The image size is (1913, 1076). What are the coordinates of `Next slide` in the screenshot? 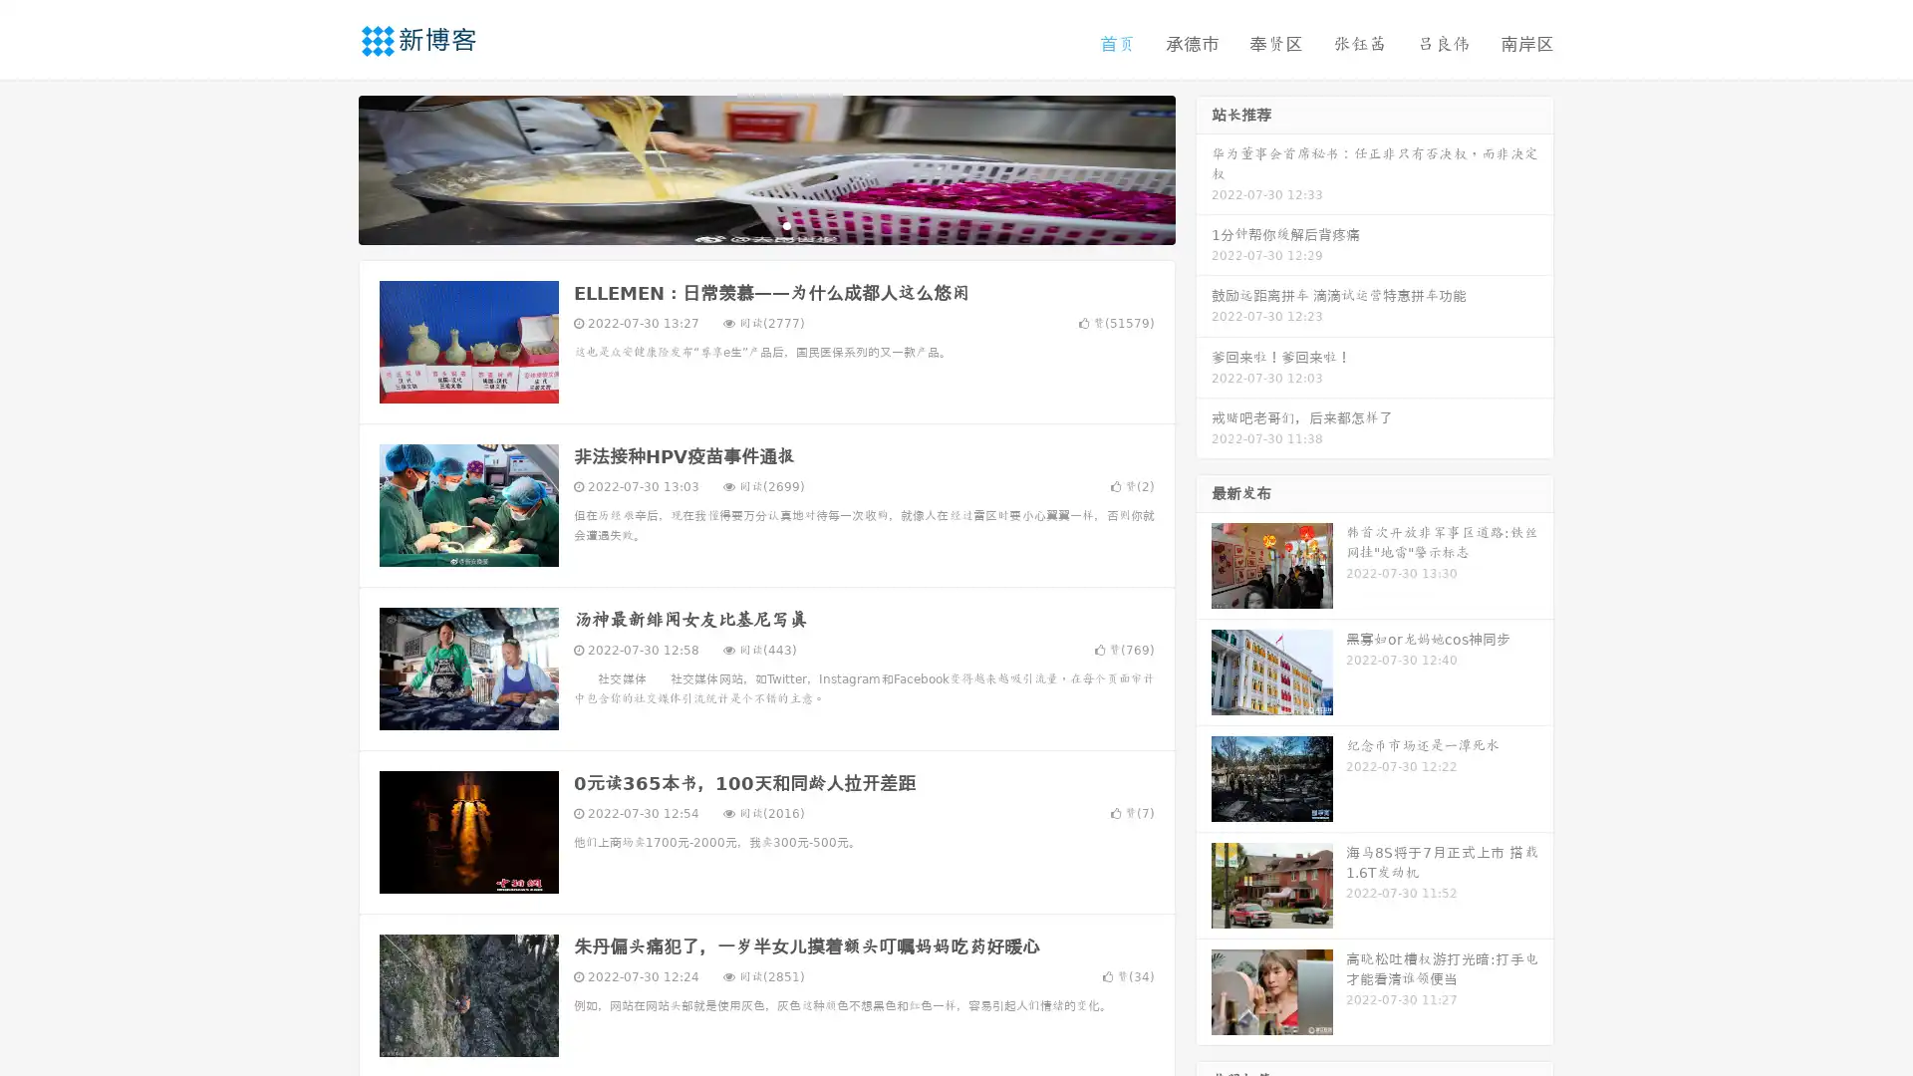 It's located at (1204, 167).